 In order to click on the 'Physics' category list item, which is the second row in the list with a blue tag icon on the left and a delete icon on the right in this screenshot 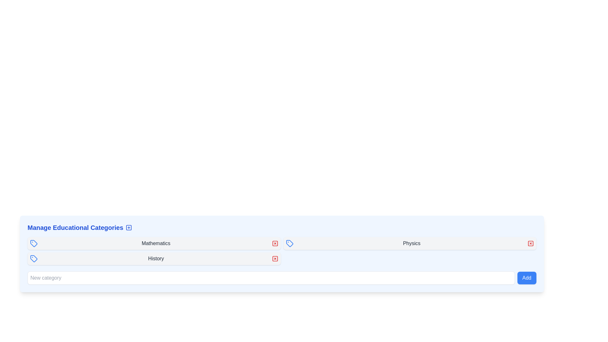, I will do `click(410, 243)`.